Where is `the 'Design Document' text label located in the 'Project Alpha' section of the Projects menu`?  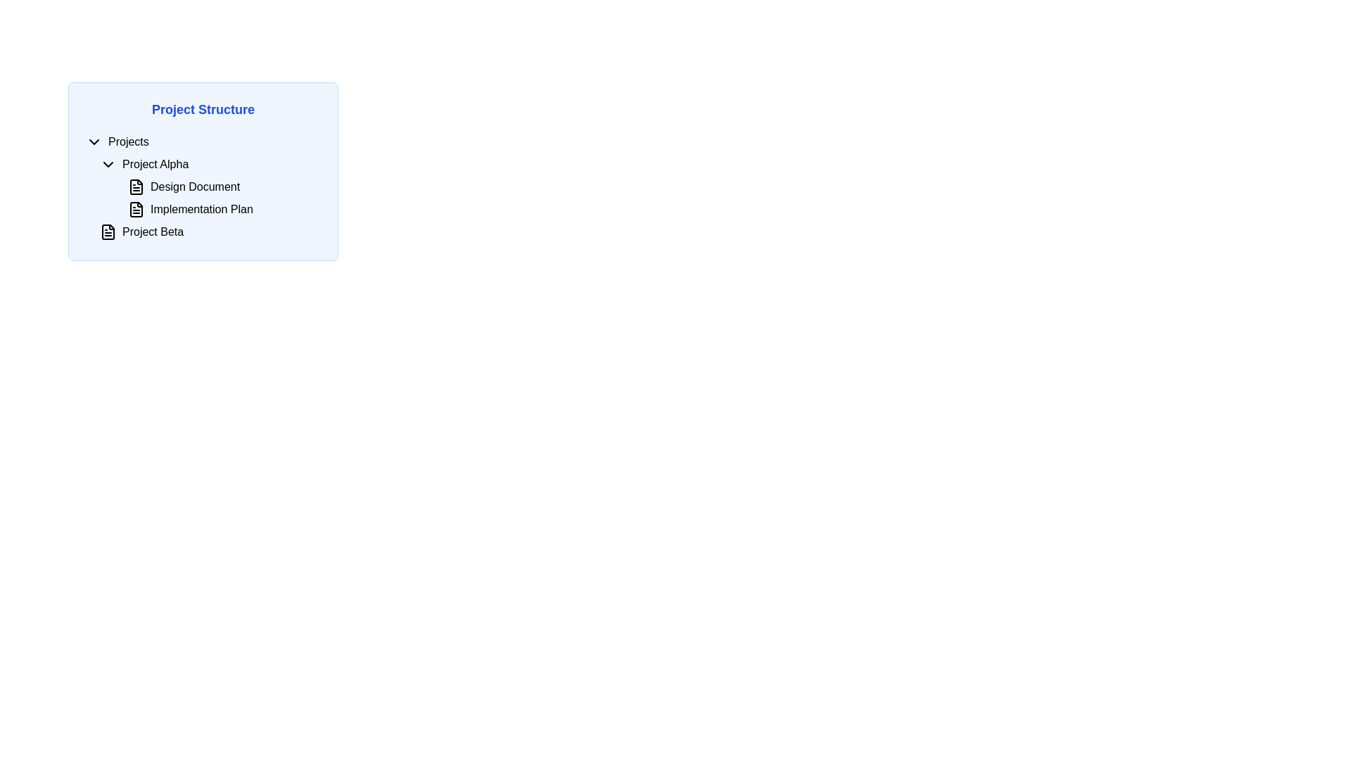 the 'Design Document' text label located in the 'Project Alpha' section of the Projects menu is located at coordinates (194, 186).